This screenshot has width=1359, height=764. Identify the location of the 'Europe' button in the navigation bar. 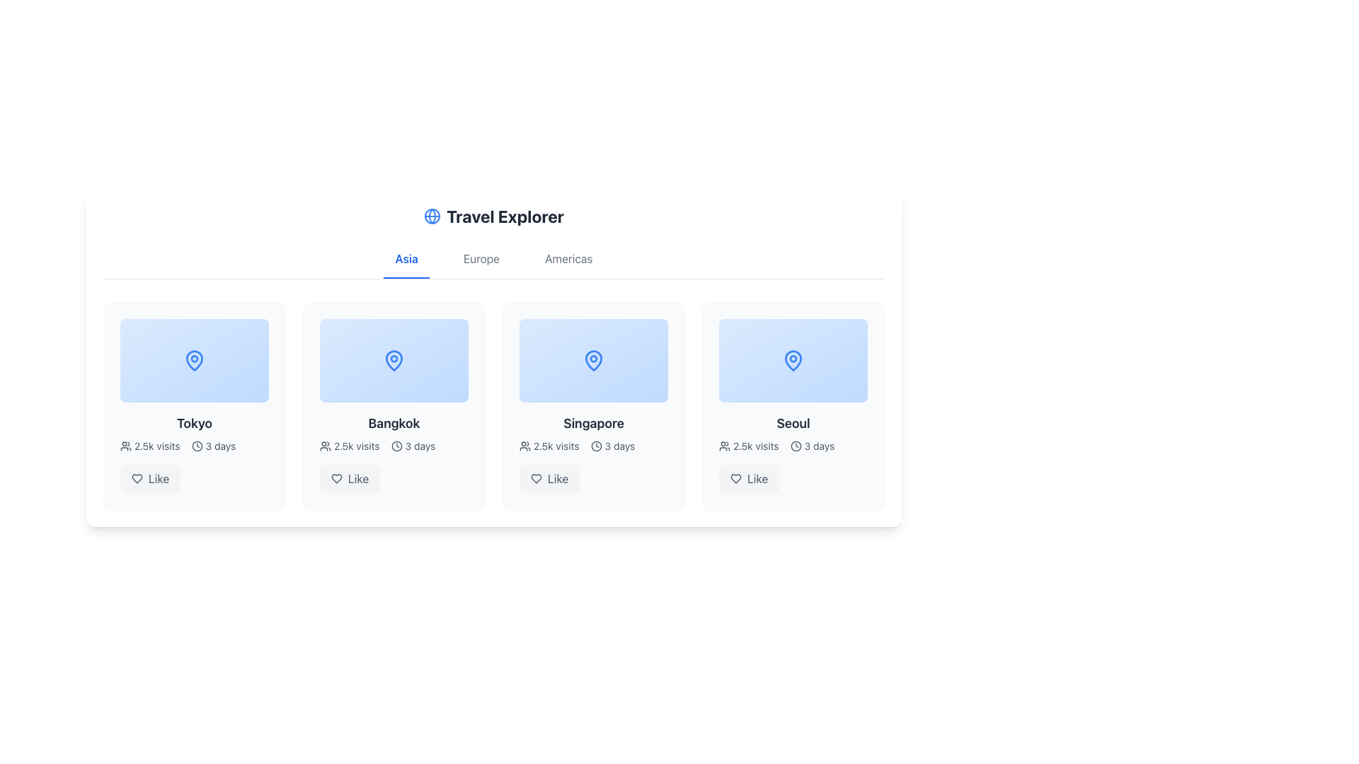
(481, 265).